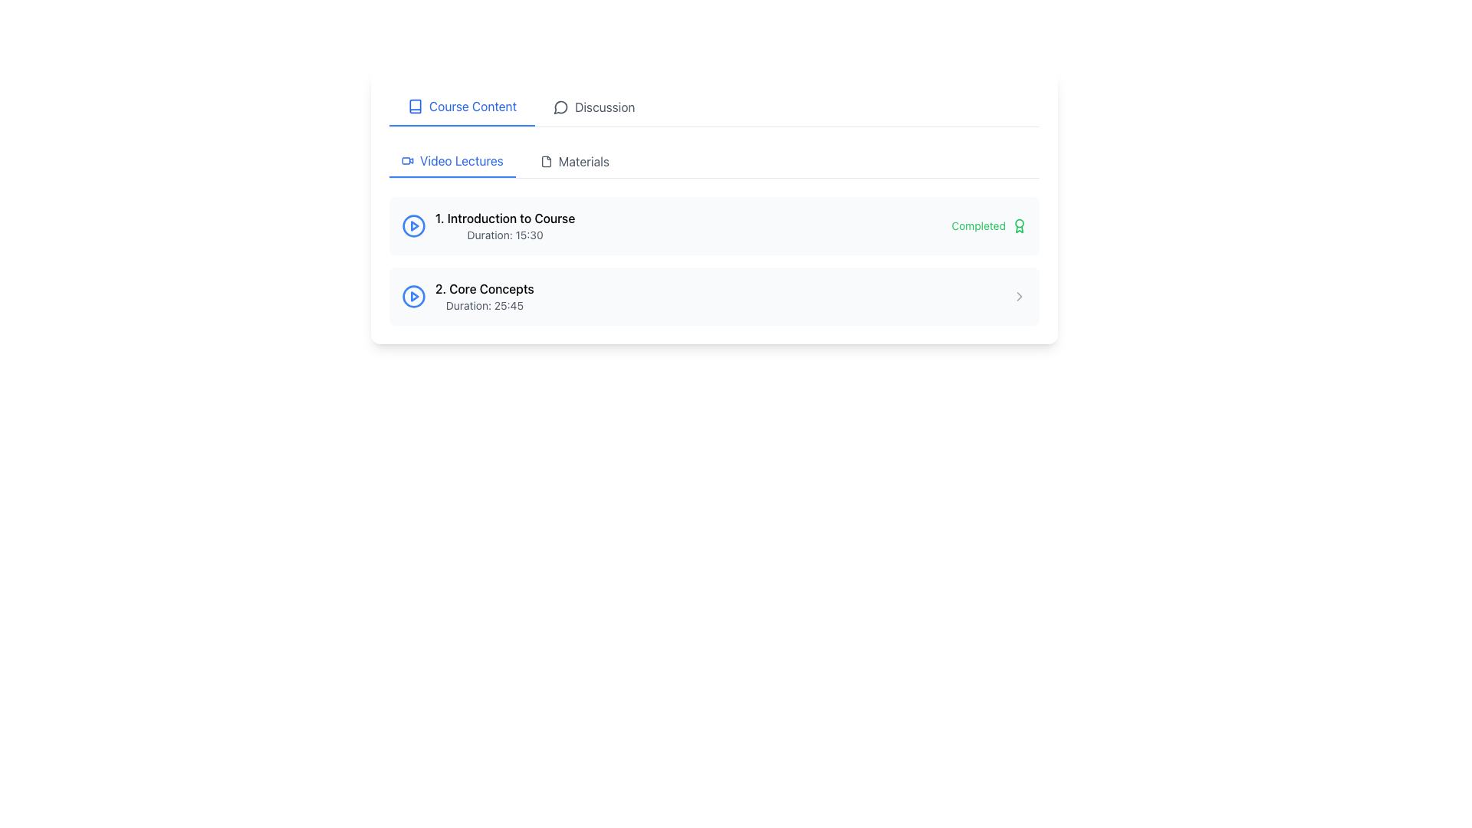 This screenshot has height=828, width=1472. I want to click on the text label displaying the duration of the video lecture titled '2. Core Concepts', which is positioned directly underneath the title and aligns left with it, so click(484, 305).